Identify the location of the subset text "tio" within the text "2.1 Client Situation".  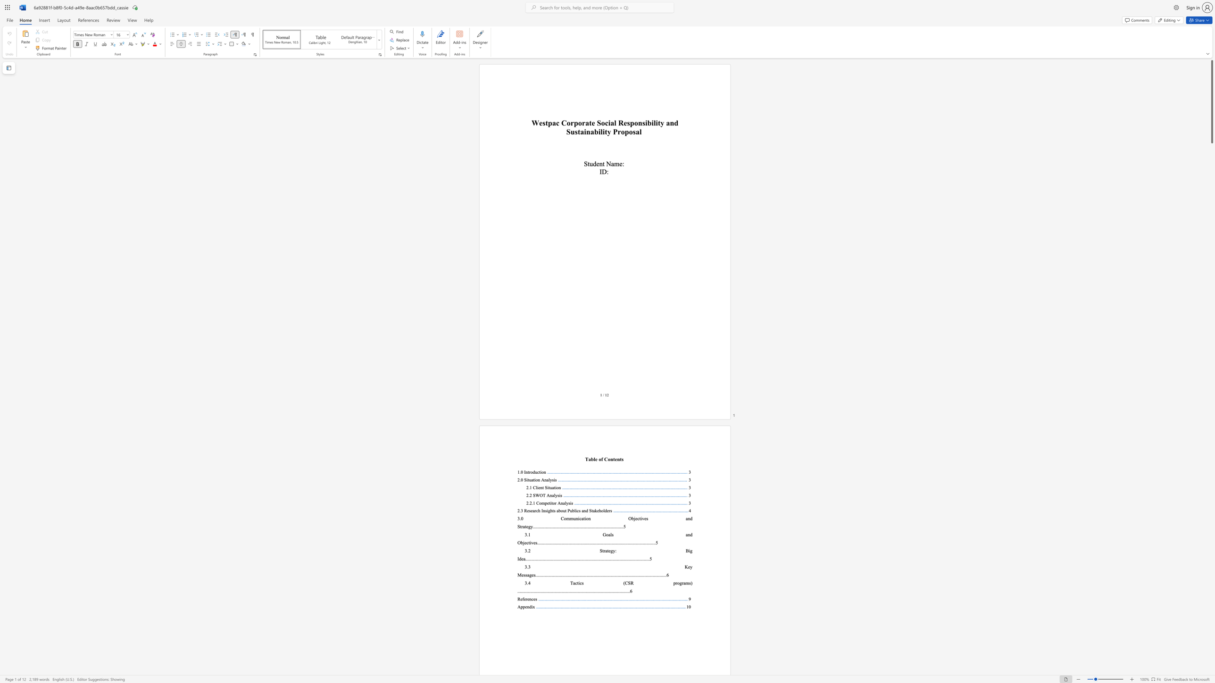
(553, 487).